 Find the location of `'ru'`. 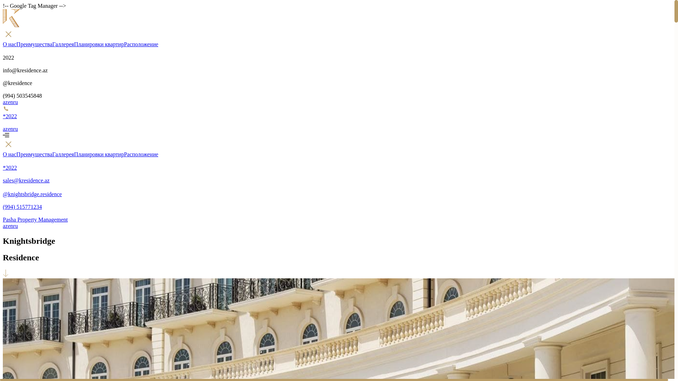

'ru' is located at coordinates (15, 226).